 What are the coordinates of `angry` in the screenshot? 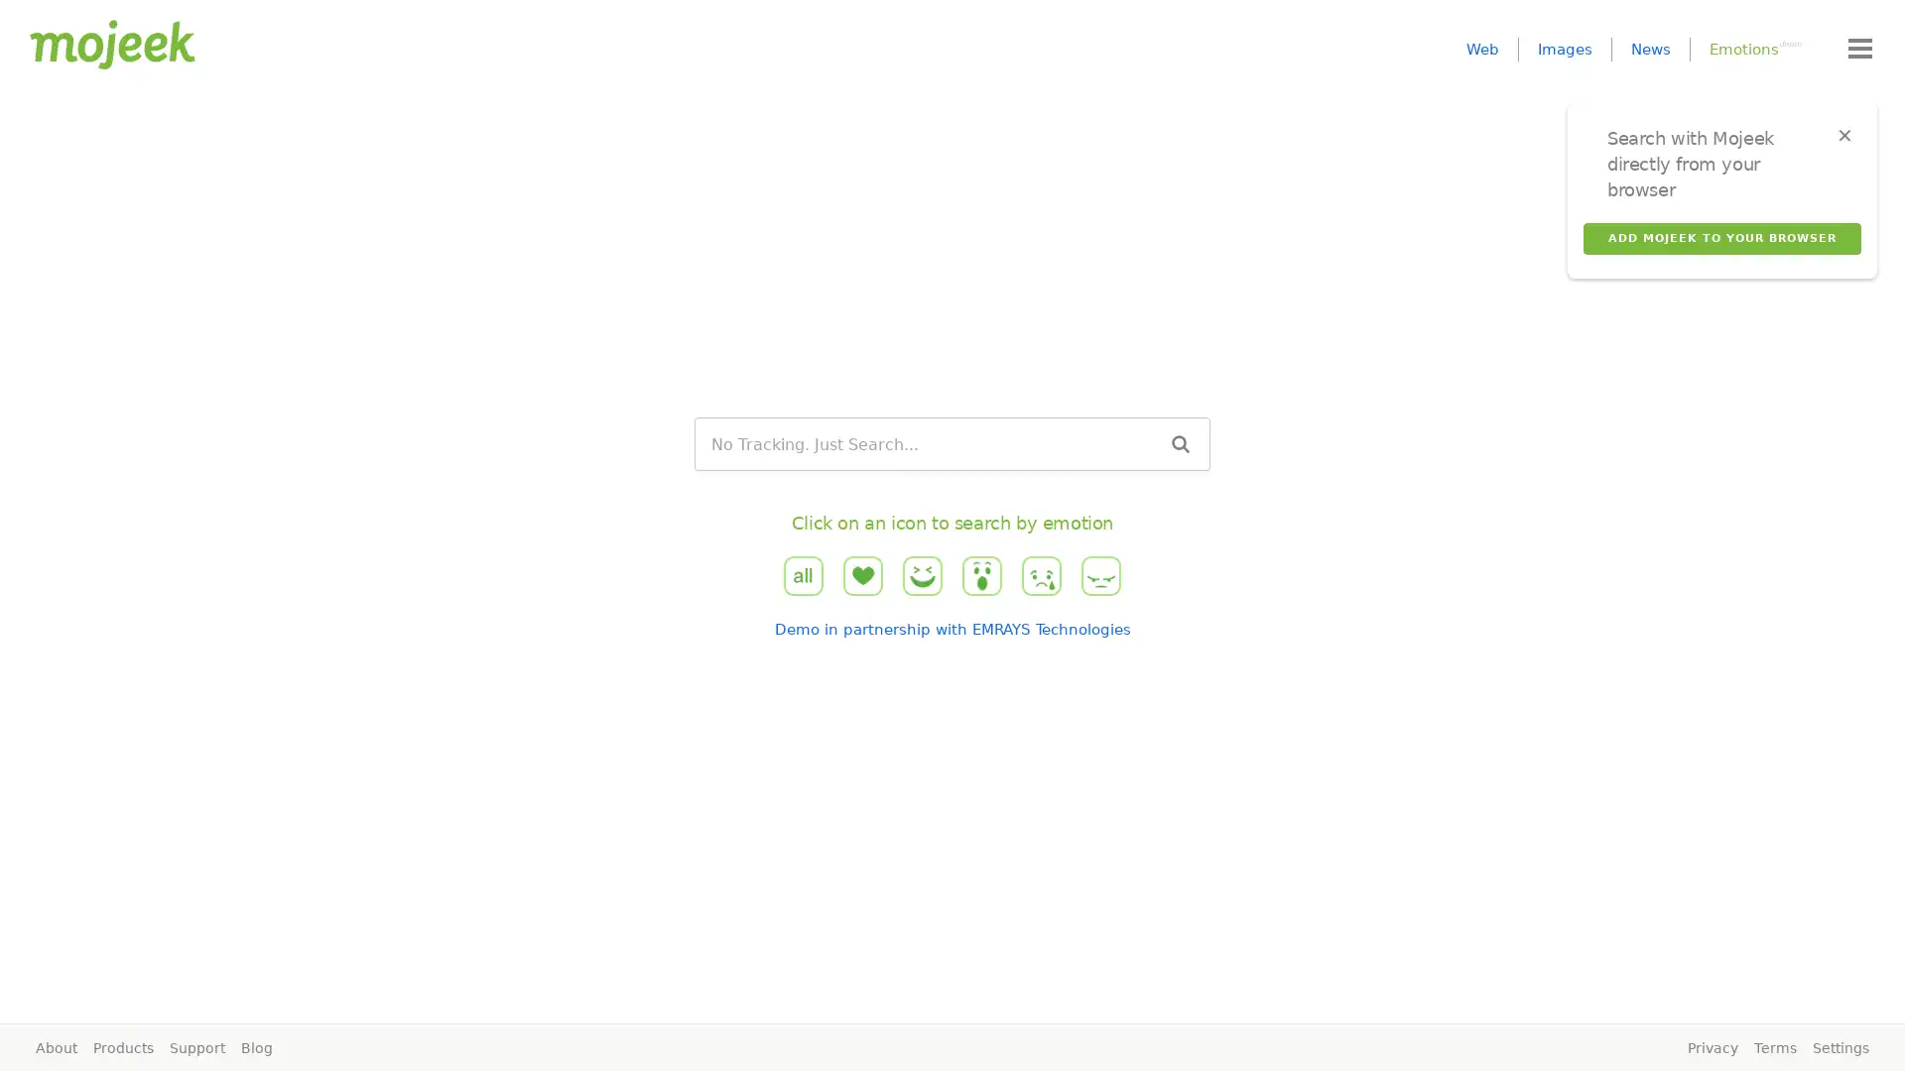 It's located at (1099, 576).